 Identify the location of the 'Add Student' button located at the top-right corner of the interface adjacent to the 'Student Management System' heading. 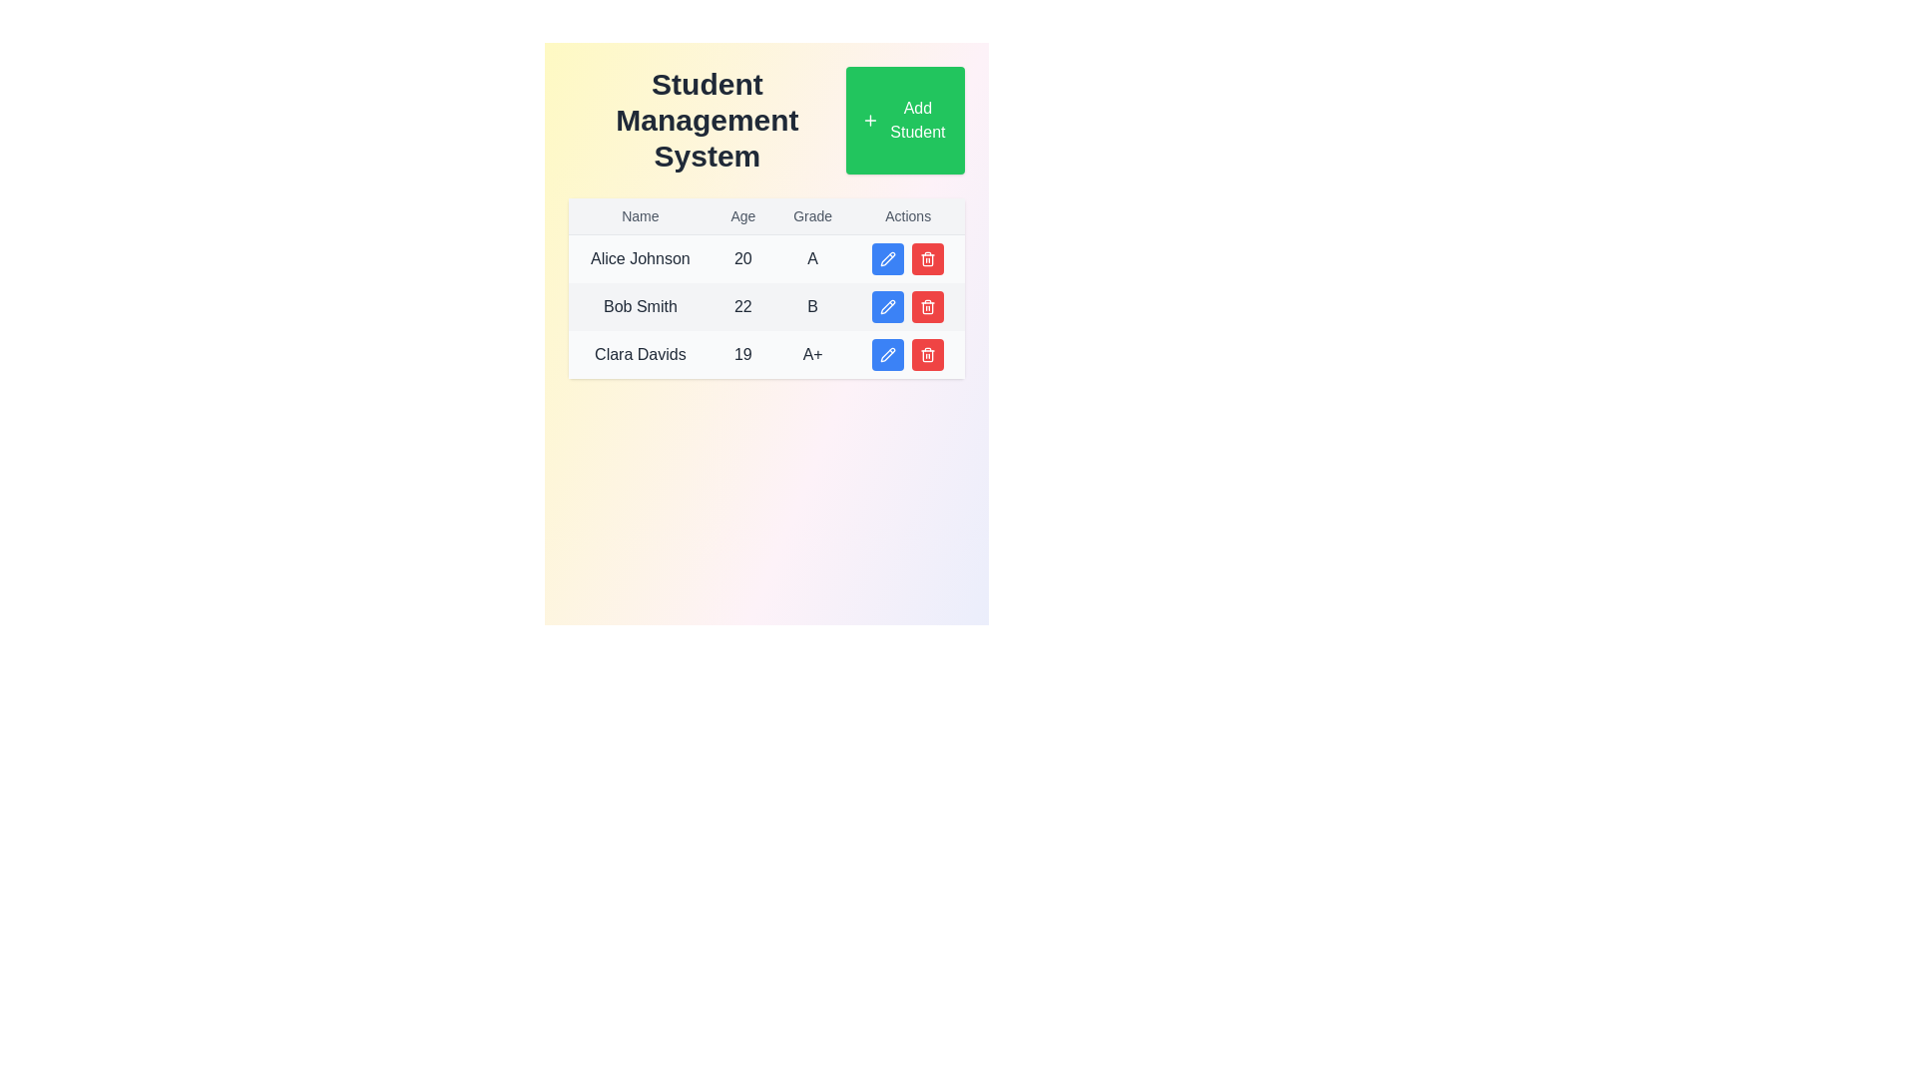
(904, 120).